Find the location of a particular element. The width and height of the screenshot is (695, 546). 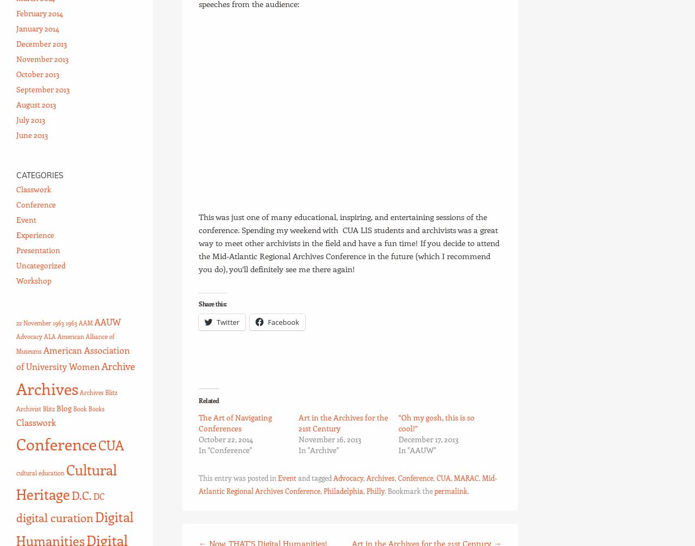

'Workshop' is located at coordinates (34, 280).